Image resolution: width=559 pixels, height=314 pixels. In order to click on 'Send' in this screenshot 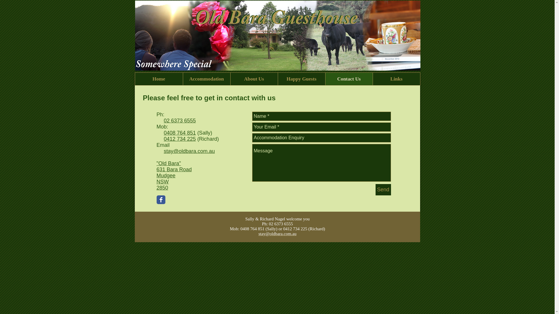, I will do `click(383, 190)`.